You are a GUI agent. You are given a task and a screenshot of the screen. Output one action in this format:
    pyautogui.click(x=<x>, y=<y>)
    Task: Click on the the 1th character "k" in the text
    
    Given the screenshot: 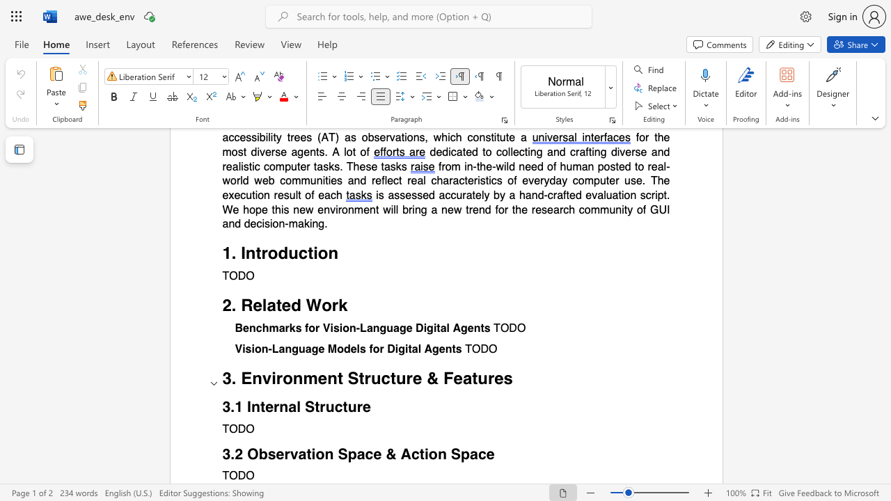 What is the action you would take?
    pyautogui.click(x=342, y=305)
    